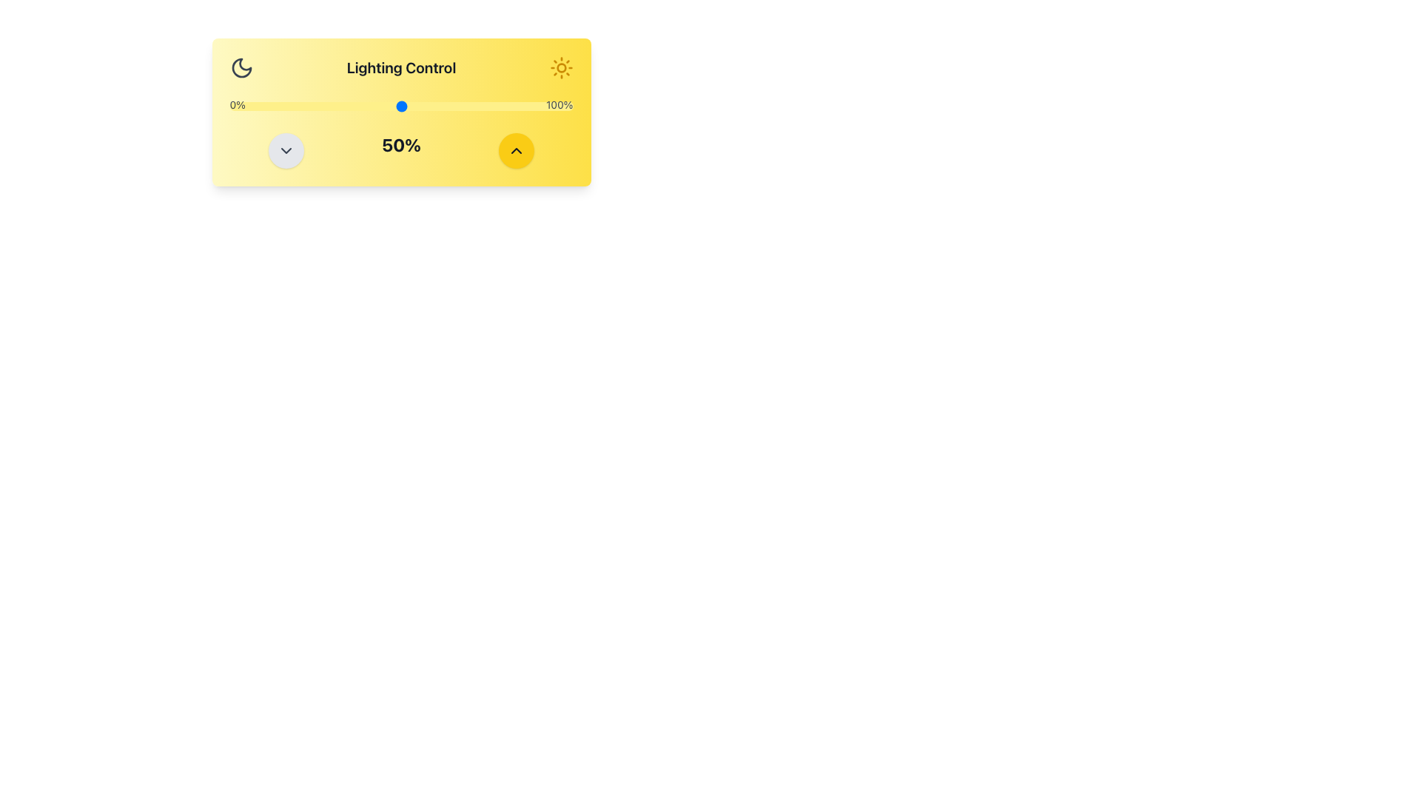  What do you see at coordinates (286, 151) in the screenshot?
I see `the gray chevron-down icon button located in the bottom-right corner of the yellow card interface` at bounding box center [286, 151].